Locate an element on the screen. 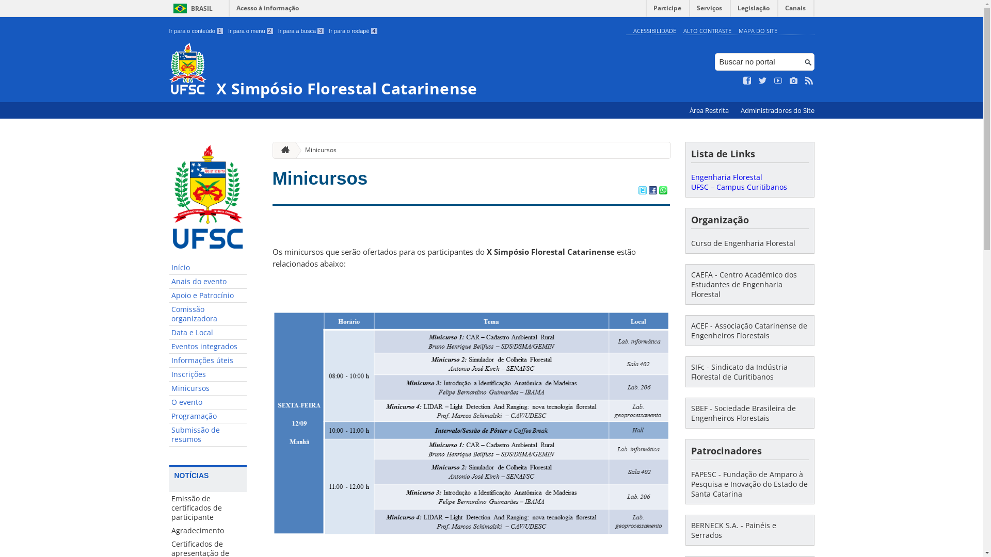 The width and height of the screenshot is (991, 557). 'BRASIL' is located at coordinates (191, 8).